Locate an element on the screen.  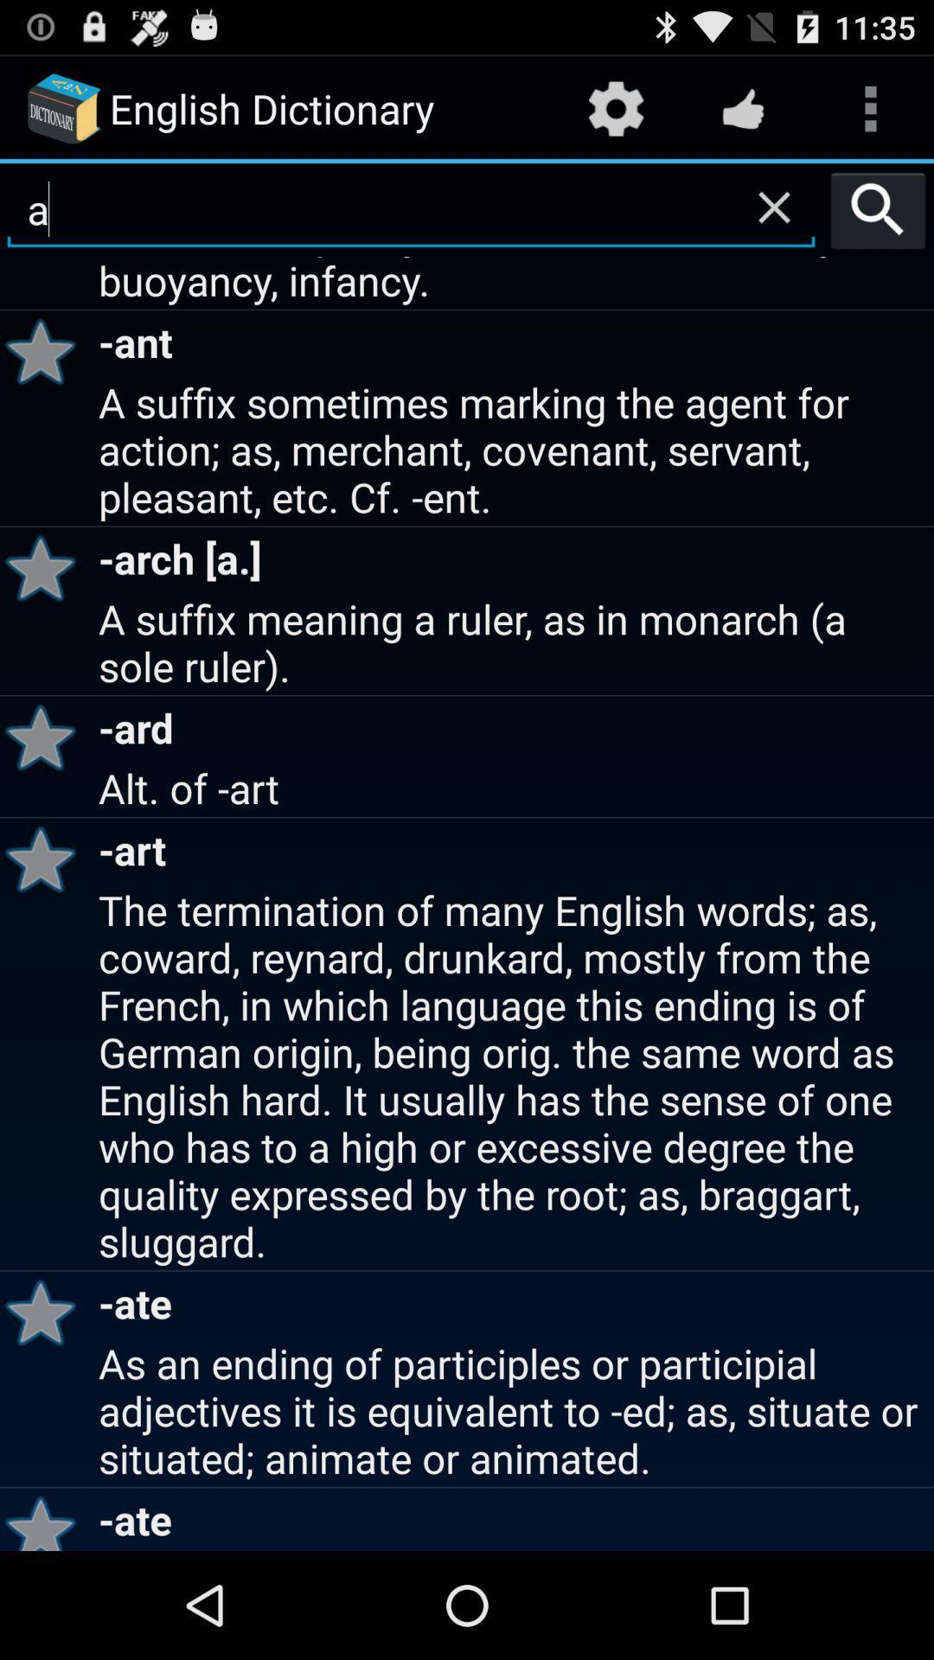
item next to the a is located at coordinates (878, 209).